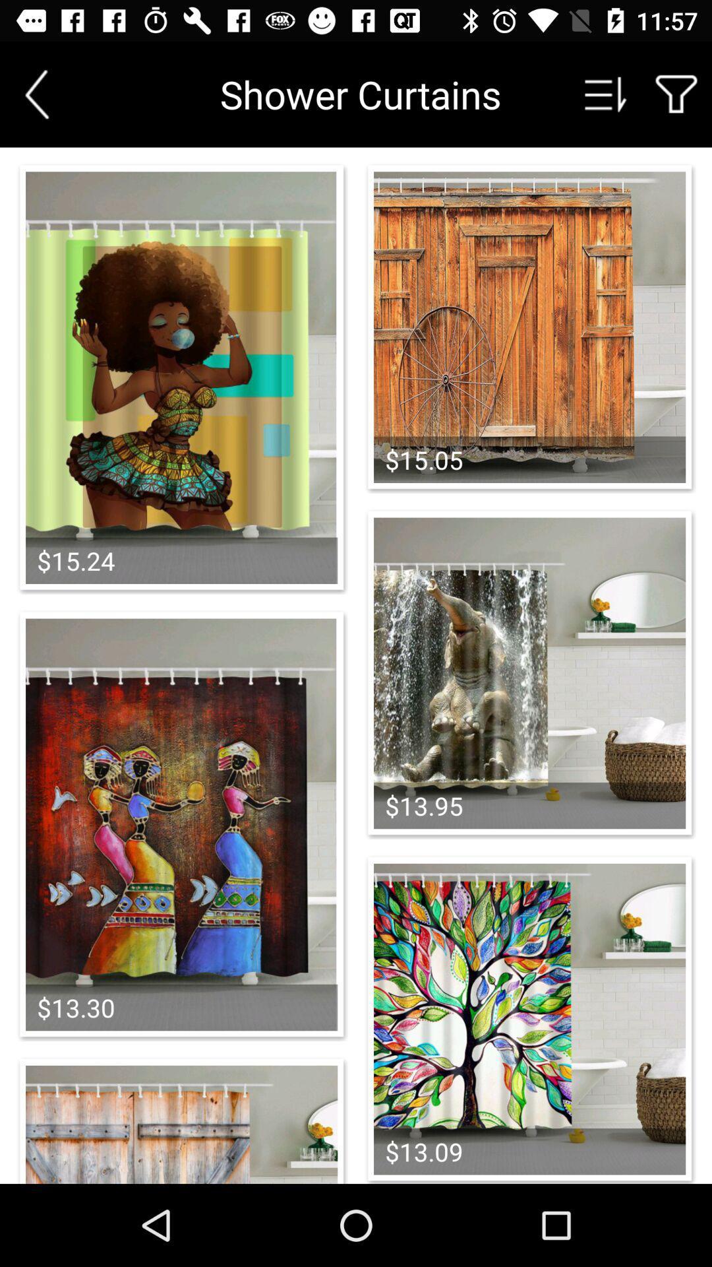 This screenshot has height=1267, width=712. I want to click on the arrow_backward icon, so click(36, 94).